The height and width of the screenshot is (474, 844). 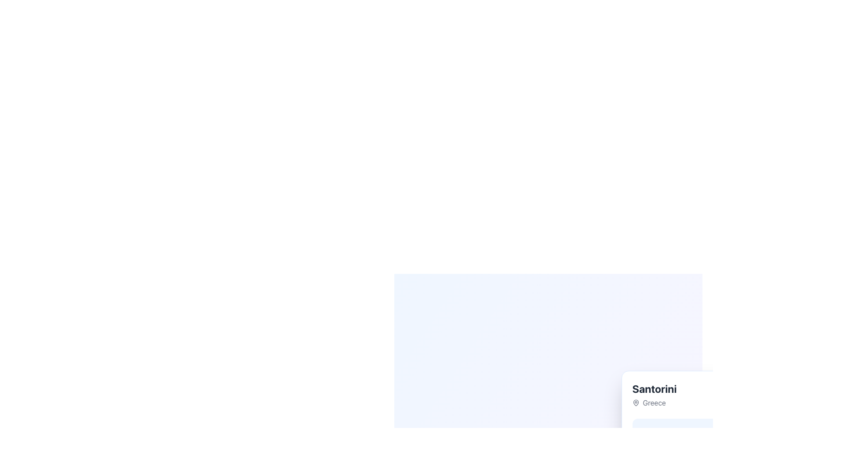 I want to click on the text label displaying 'Santorini' which is located above the word 'Greece' with a location marker icon preceding it, so click(x=654, y=394).